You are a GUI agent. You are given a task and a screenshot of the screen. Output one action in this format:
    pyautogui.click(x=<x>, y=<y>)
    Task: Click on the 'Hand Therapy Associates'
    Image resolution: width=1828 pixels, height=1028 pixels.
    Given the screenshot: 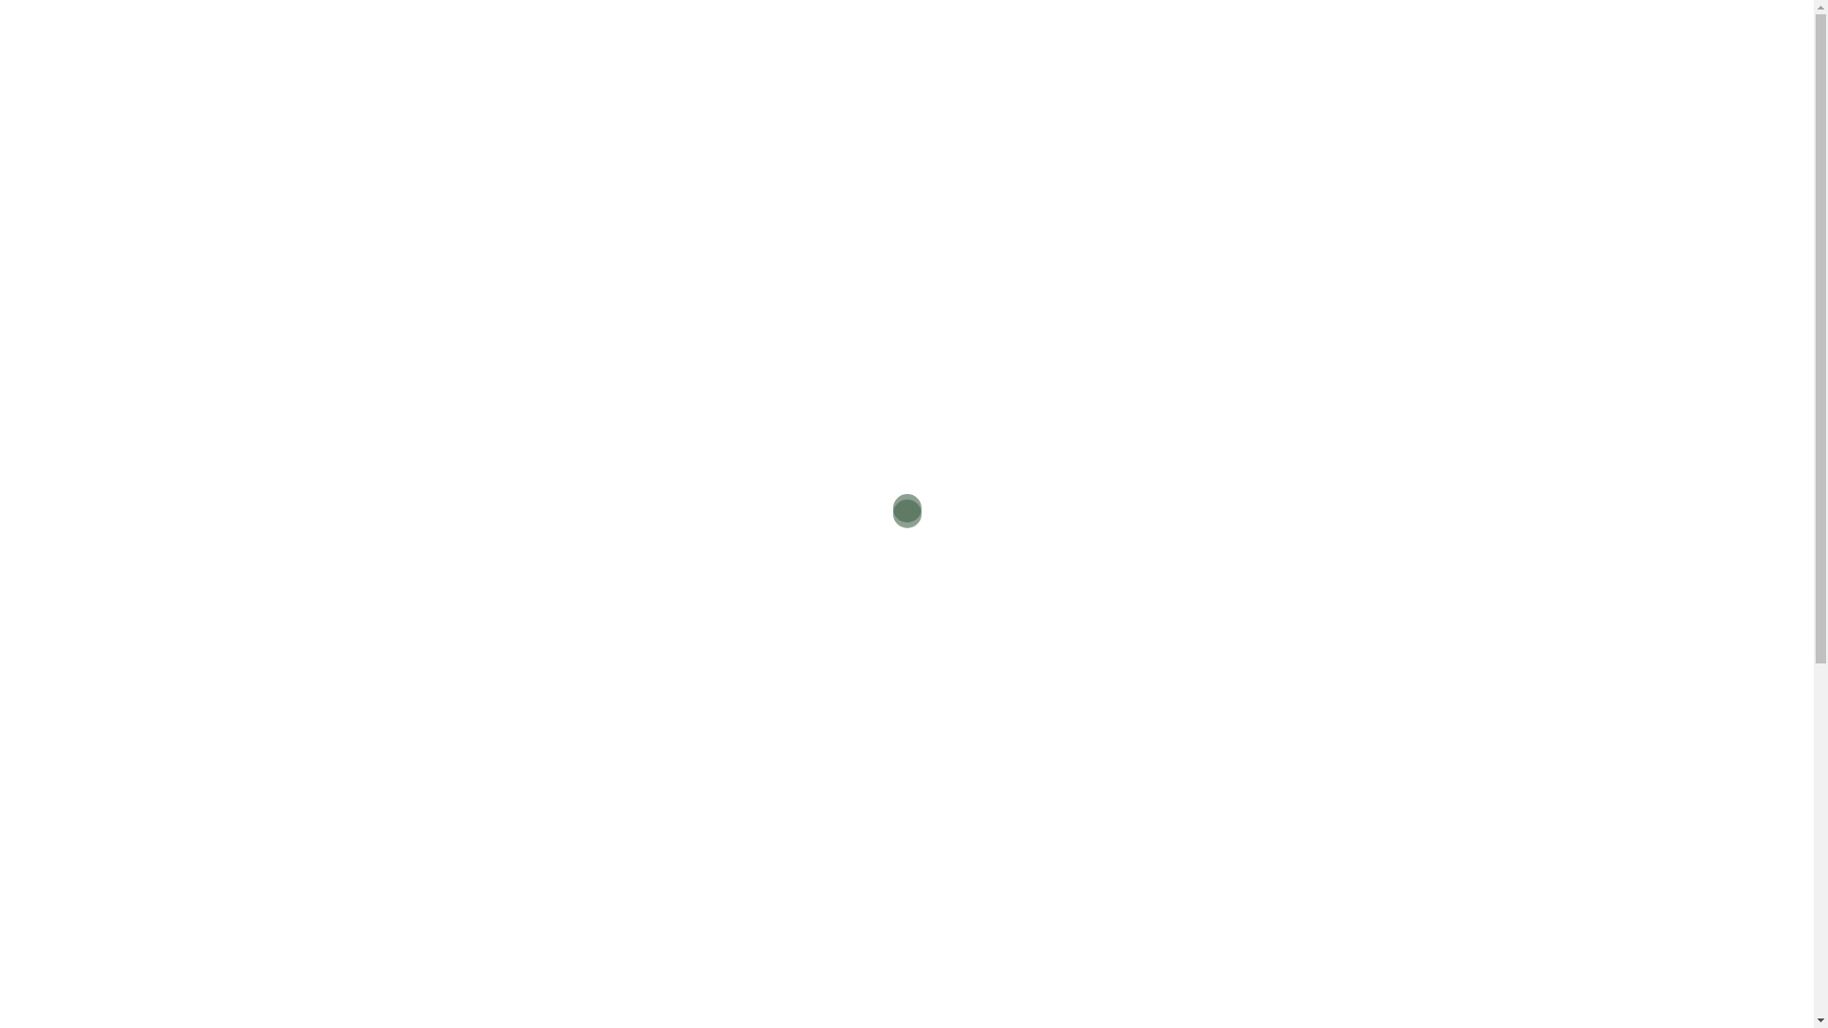 What is the action you would take?
    pyautogui.click(x=451, y=27)
    